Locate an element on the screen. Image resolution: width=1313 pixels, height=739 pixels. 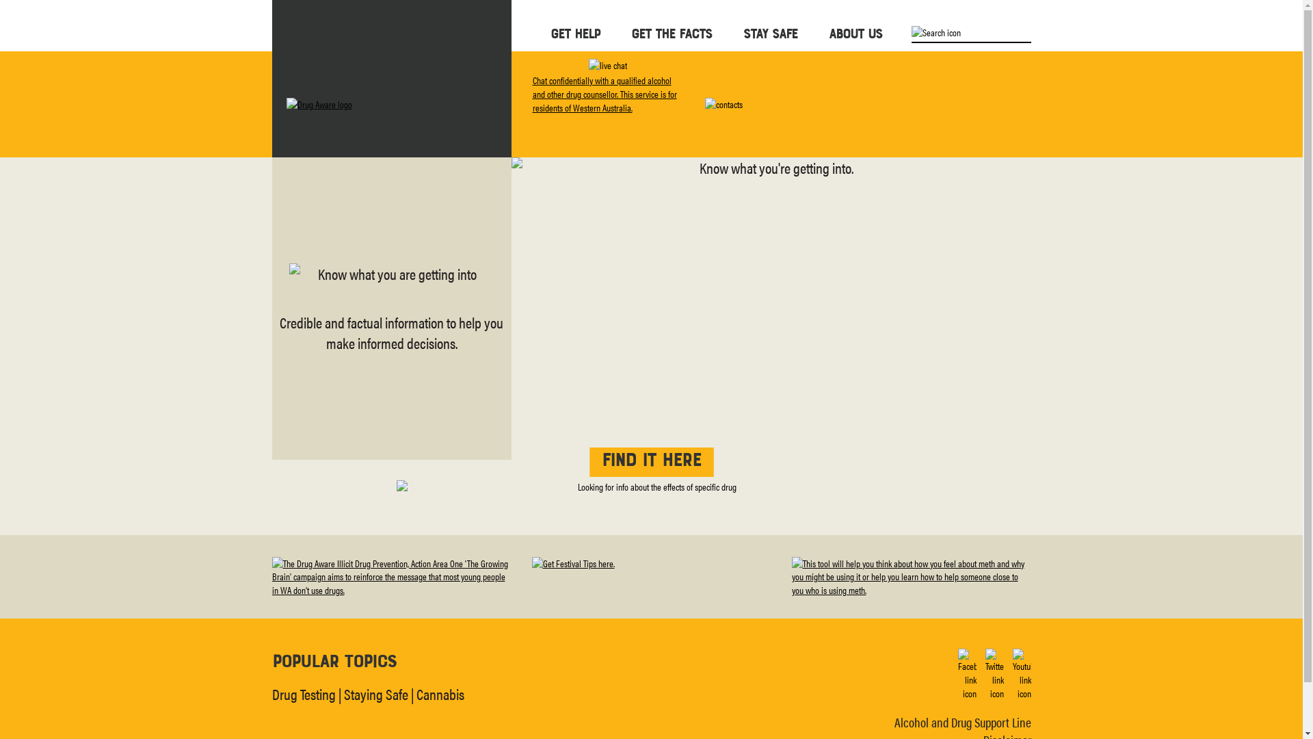
'Find it here' is located at coordinates (650, 462).